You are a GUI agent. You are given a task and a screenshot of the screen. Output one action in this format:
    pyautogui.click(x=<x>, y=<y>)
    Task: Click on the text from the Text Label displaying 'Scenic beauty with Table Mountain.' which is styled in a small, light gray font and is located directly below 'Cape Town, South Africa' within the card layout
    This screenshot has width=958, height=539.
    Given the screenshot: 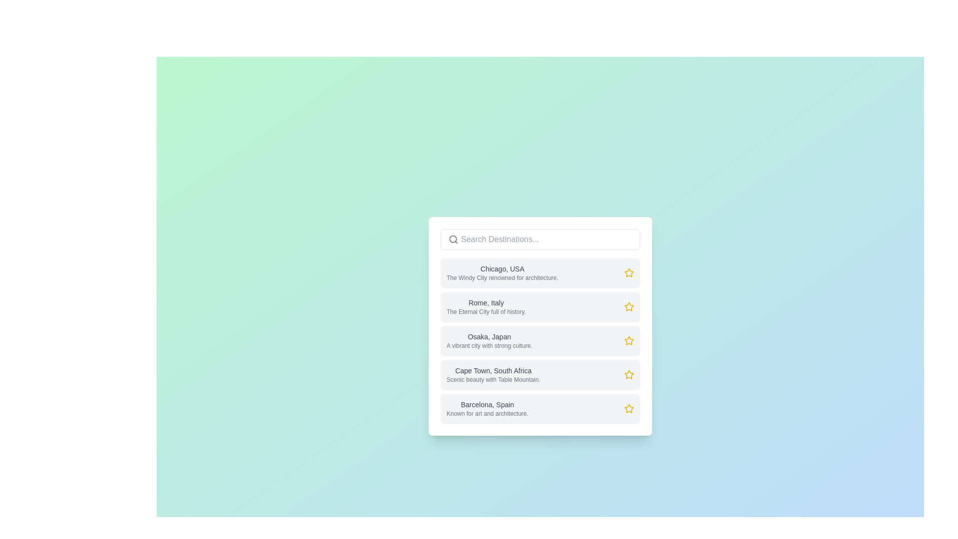 What is the action you would take?
    pyautogui.click(x=493, y=379)
    